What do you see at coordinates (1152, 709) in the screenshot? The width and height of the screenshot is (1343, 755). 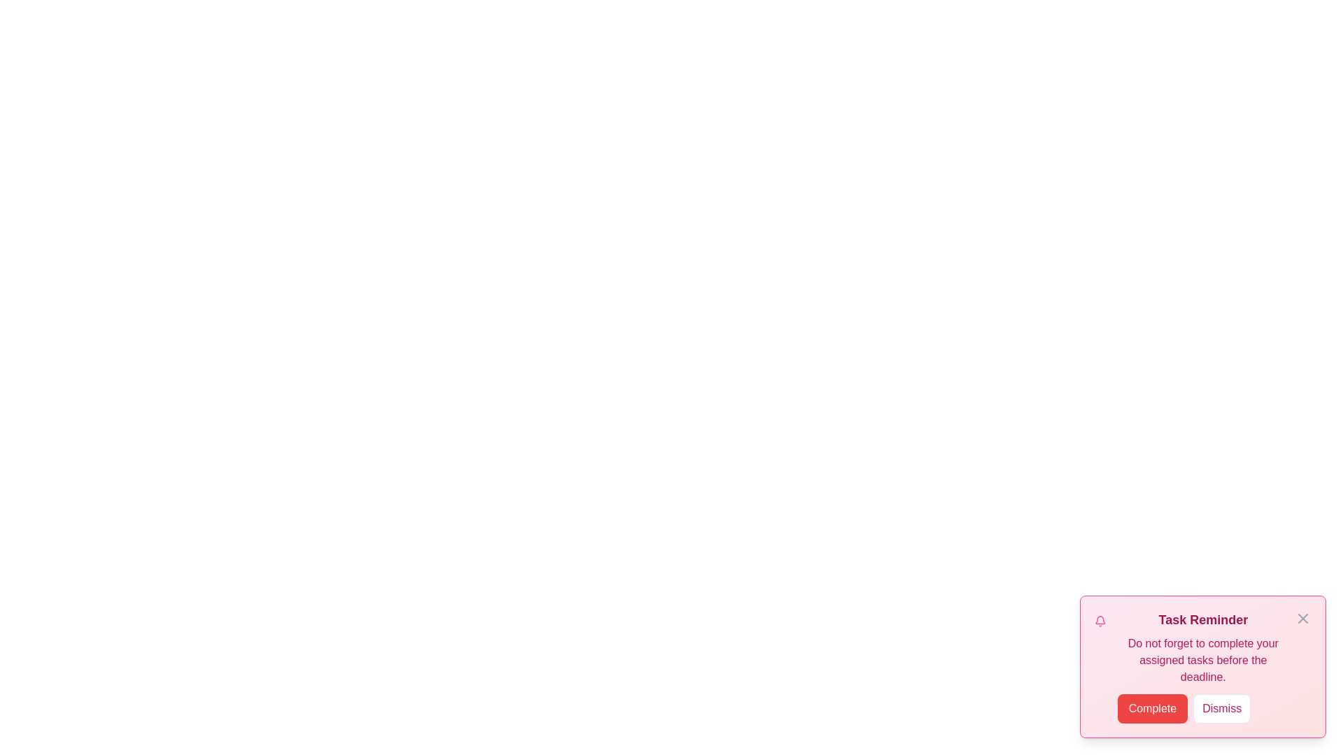 I see `the button labeled Complete to observe its hover effect` at bounding box center [1152, 709].